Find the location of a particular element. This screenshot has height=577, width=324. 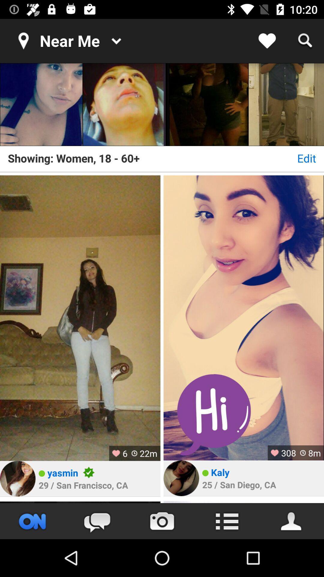

open camera is located at coordinates (162, 521).